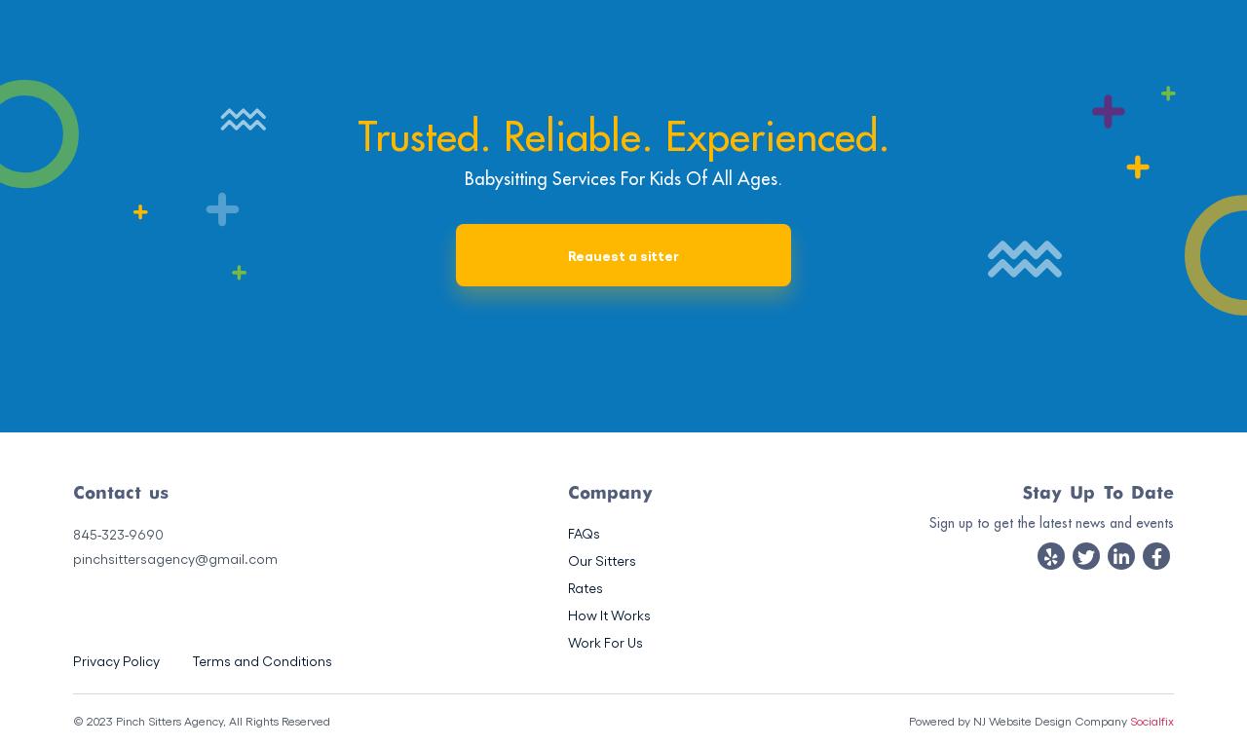 This screenshot has width=1247, height=746. What do you see at coordinates (115, 660) in the screenshot?
I see `'Privacy Policy'` at bounding box center [115, 660].